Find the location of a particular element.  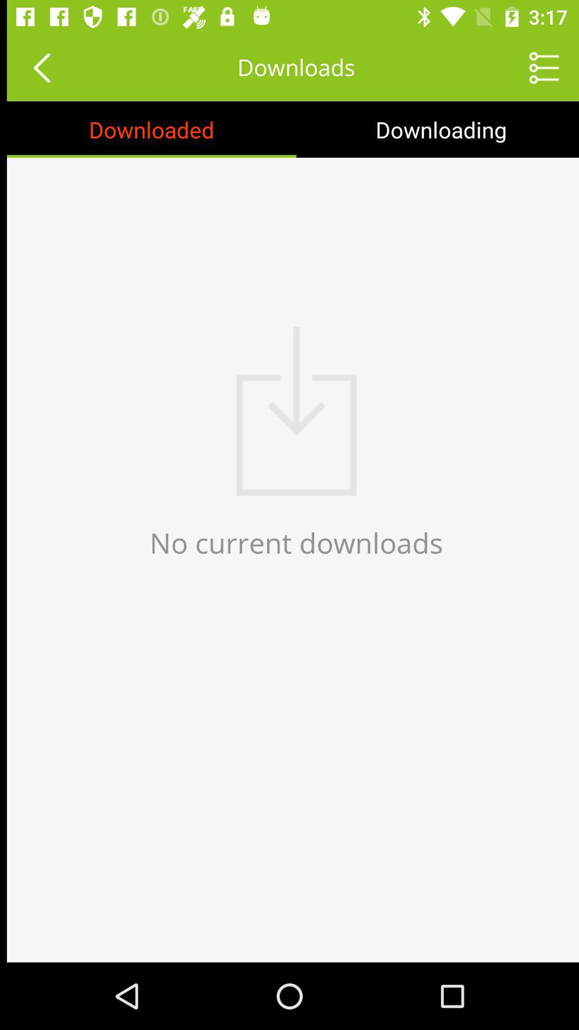

app settings is located at coordinates (537, 67).